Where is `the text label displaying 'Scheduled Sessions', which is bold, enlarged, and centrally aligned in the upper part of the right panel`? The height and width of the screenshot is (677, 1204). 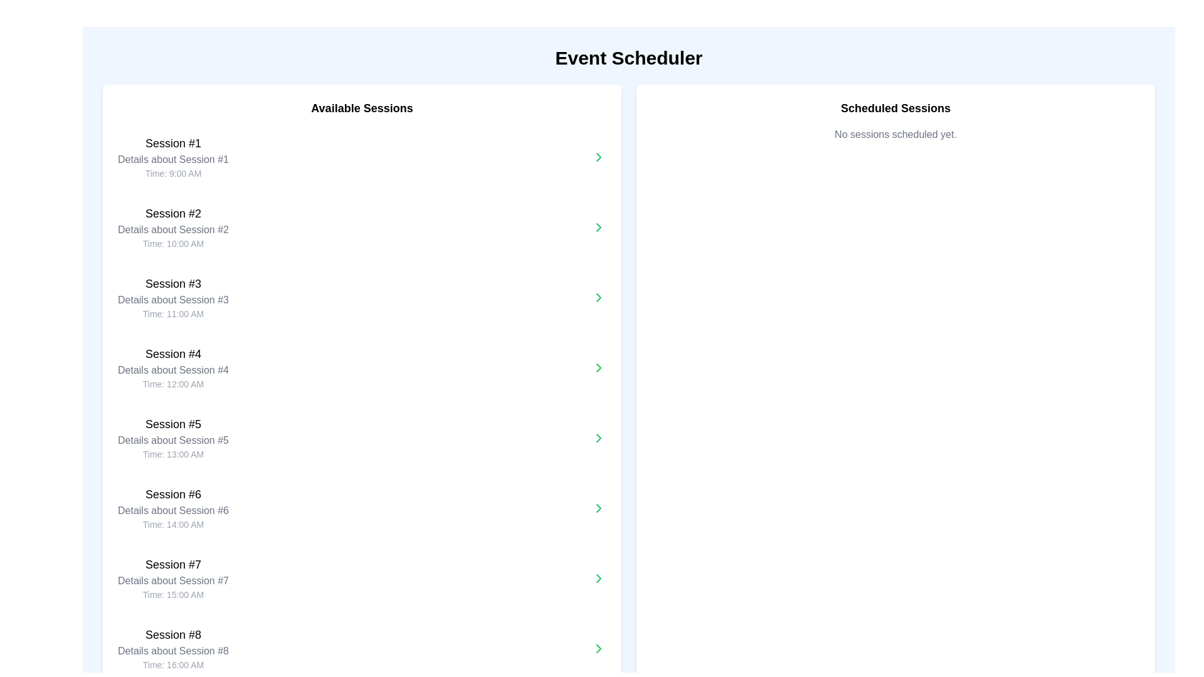 the text label displaying 'Scheduled Sessions', which is bold, enlarged, and centrally aligned in the upper part of the right panel is located at coordinates (895, 108).